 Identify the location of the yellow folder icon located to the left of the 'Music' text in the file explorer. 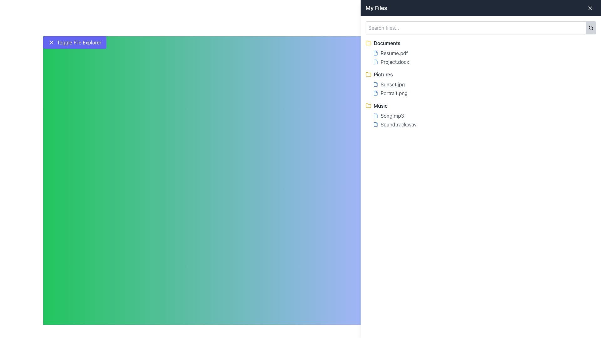
(368, 105).